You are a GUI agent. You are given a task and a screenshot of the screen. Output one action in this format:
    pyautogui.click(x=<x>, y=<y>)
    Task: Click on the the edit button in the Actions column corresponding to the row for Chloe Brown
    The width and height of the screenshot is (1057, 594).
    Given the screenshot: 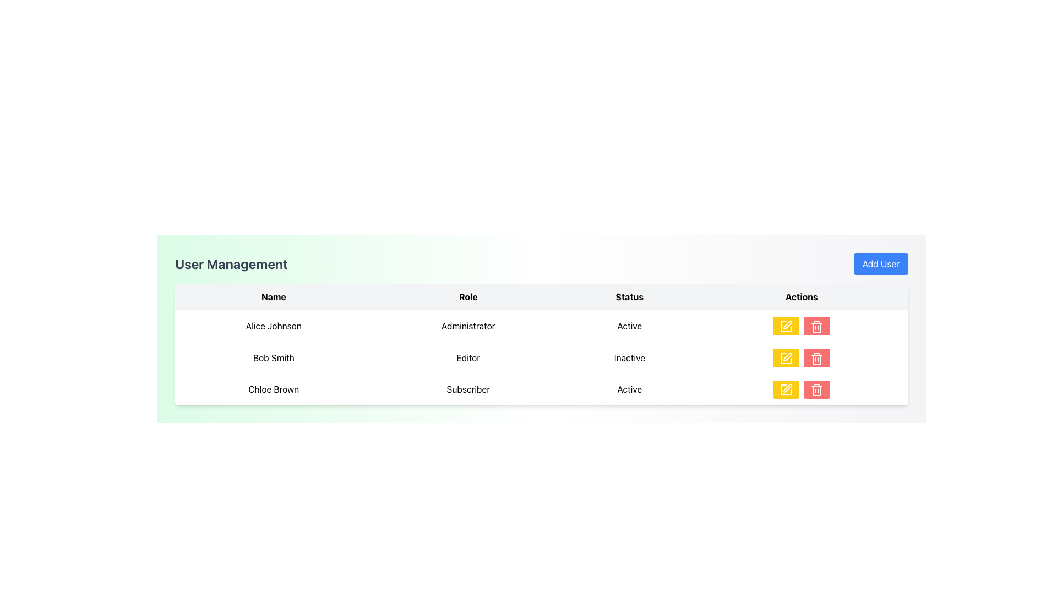 What is the action you would take?
    pyautogui.click(x=786, y=389)
    